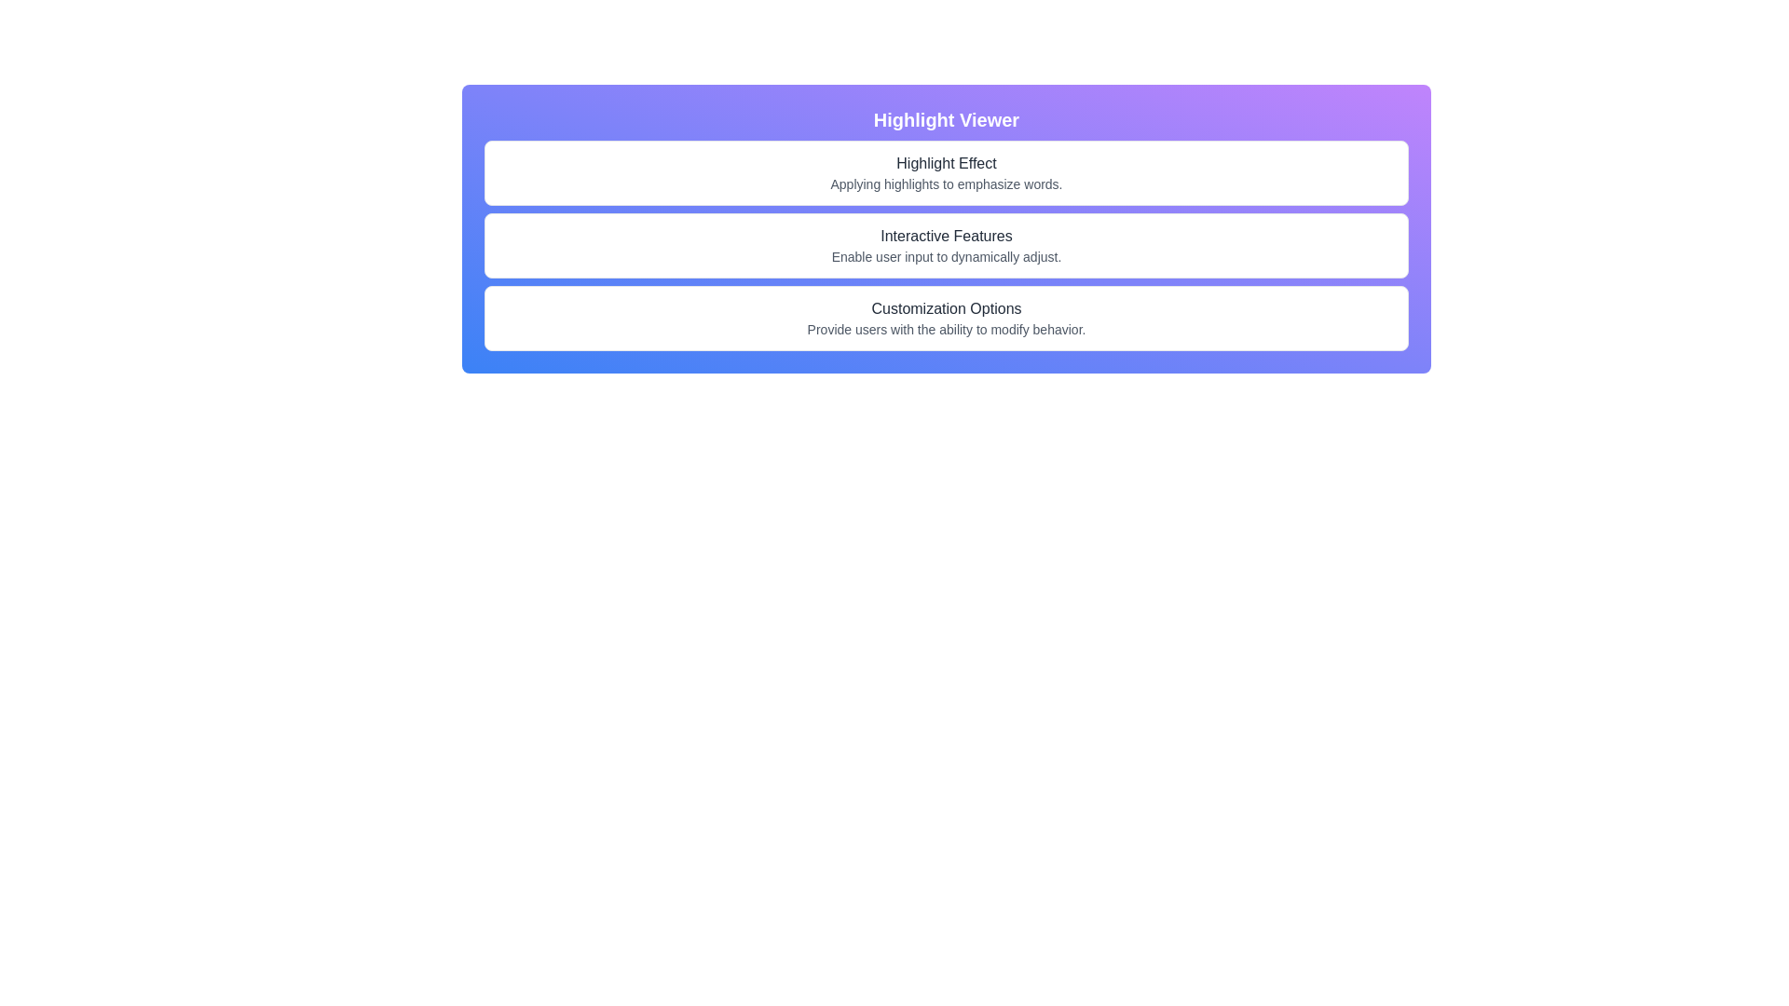 The width and height of the screenshot is (1789, 1006). I want to click on the letter 'i' in the text 'Customization Options', which is underlined on hover and is the 7th character in the text located at the bottom of the interface, so click(924, 307).